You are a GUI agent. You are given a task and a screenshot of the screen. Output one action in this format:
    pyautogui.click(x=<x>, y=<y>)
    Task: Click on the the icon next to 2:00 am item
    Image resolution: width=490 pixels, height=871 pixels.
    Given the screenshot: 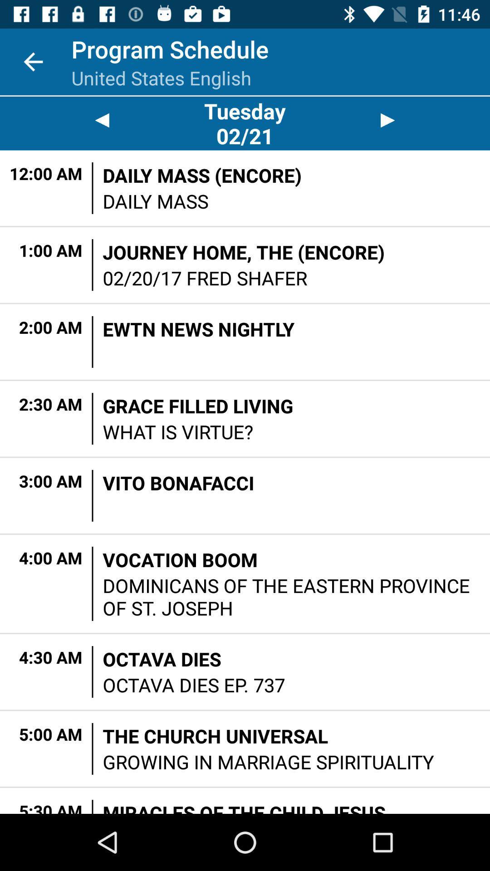 What is the action you would take?
    pyautogui.click(x=93, y=341)
    